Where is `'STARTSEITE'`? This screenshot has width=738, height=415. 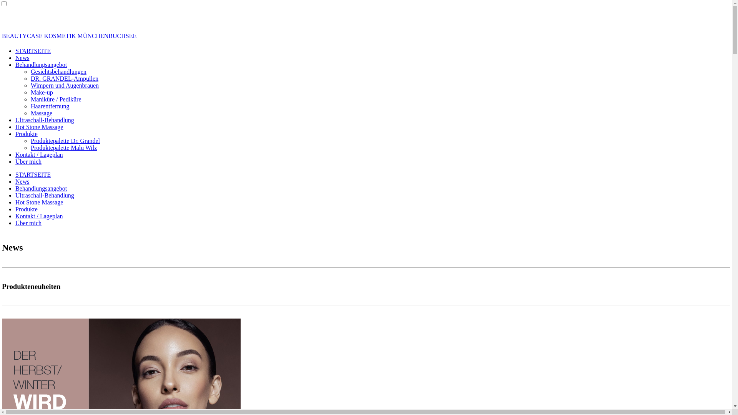 'STARTSEITE' is located at coordinates (15, 51).